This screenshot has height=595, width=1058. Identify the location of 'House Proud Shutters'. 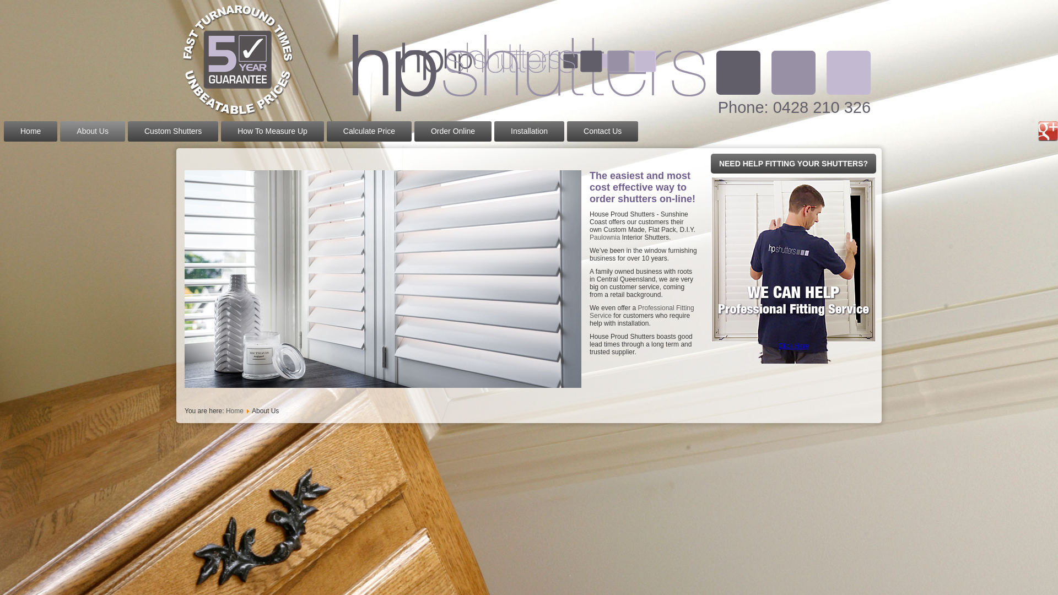
(396, 6).